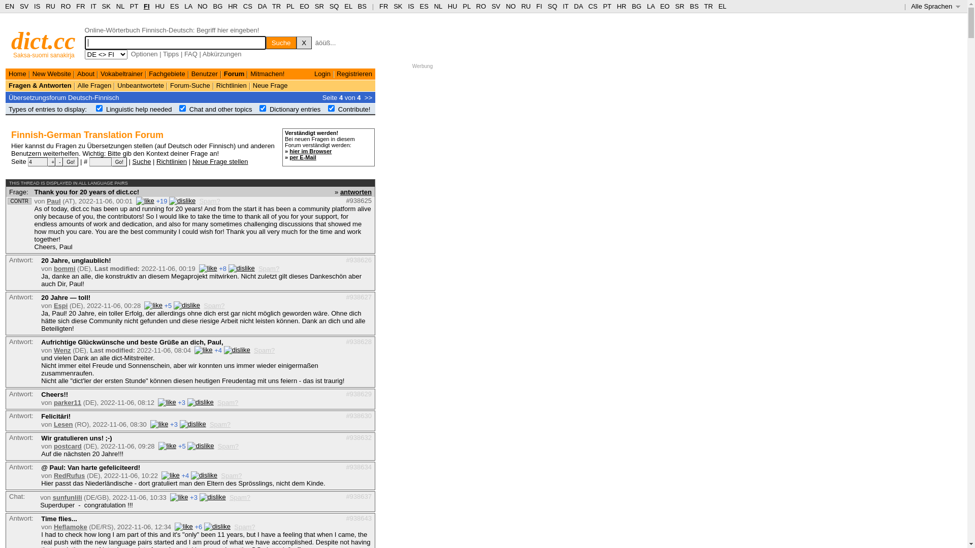 The image size is (975, 548). What do you see at coordinates (17, 73) in the screenshot?
I see `'Home'` at bounding box center [17, 73].